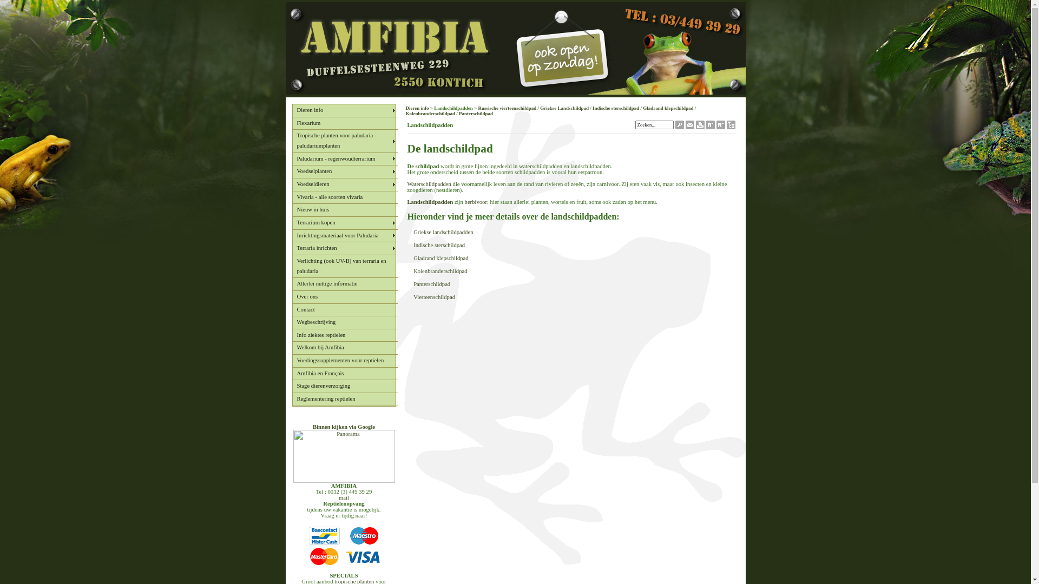 Image resolution: width=1039 pixels, height=584 pixels. What do you see at coordinates (344, 348) in the screenshot?
I see `'Welkom bij Amfibia'` at bounding box center [344, 348].